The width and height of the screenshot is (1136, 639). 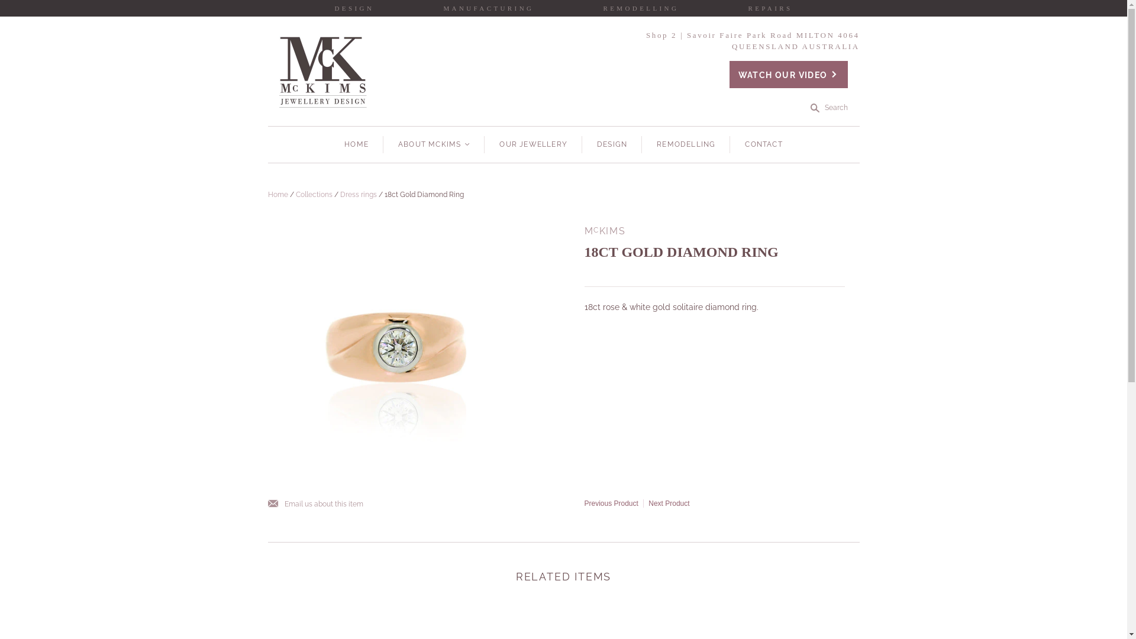 I want to click on 'OUR JEWELLERY', so click(x=532, y=144).